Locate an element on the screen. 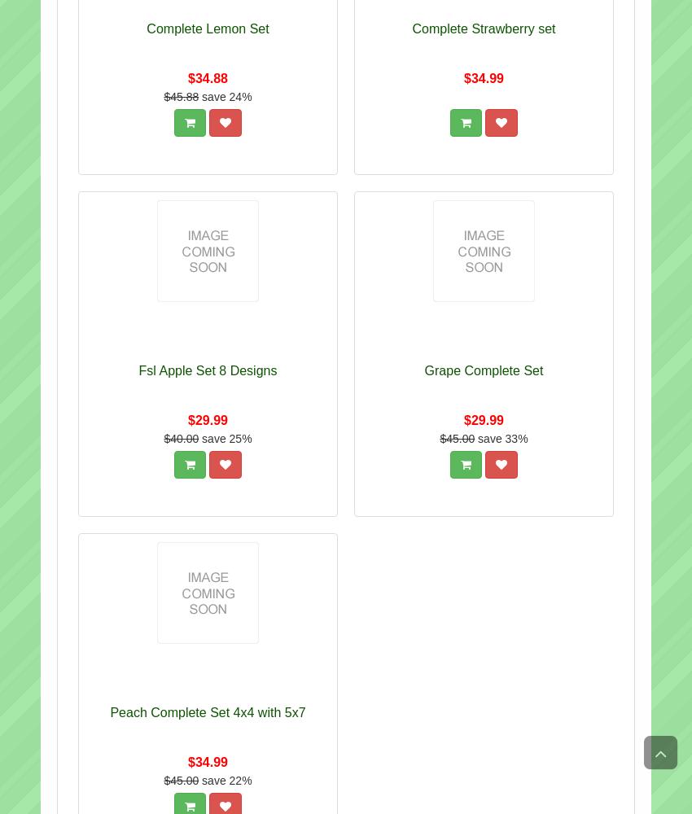 The image size is (692, 814). 'Fsl Apple Set 8 Designs' is located at coordinates (208, 370).